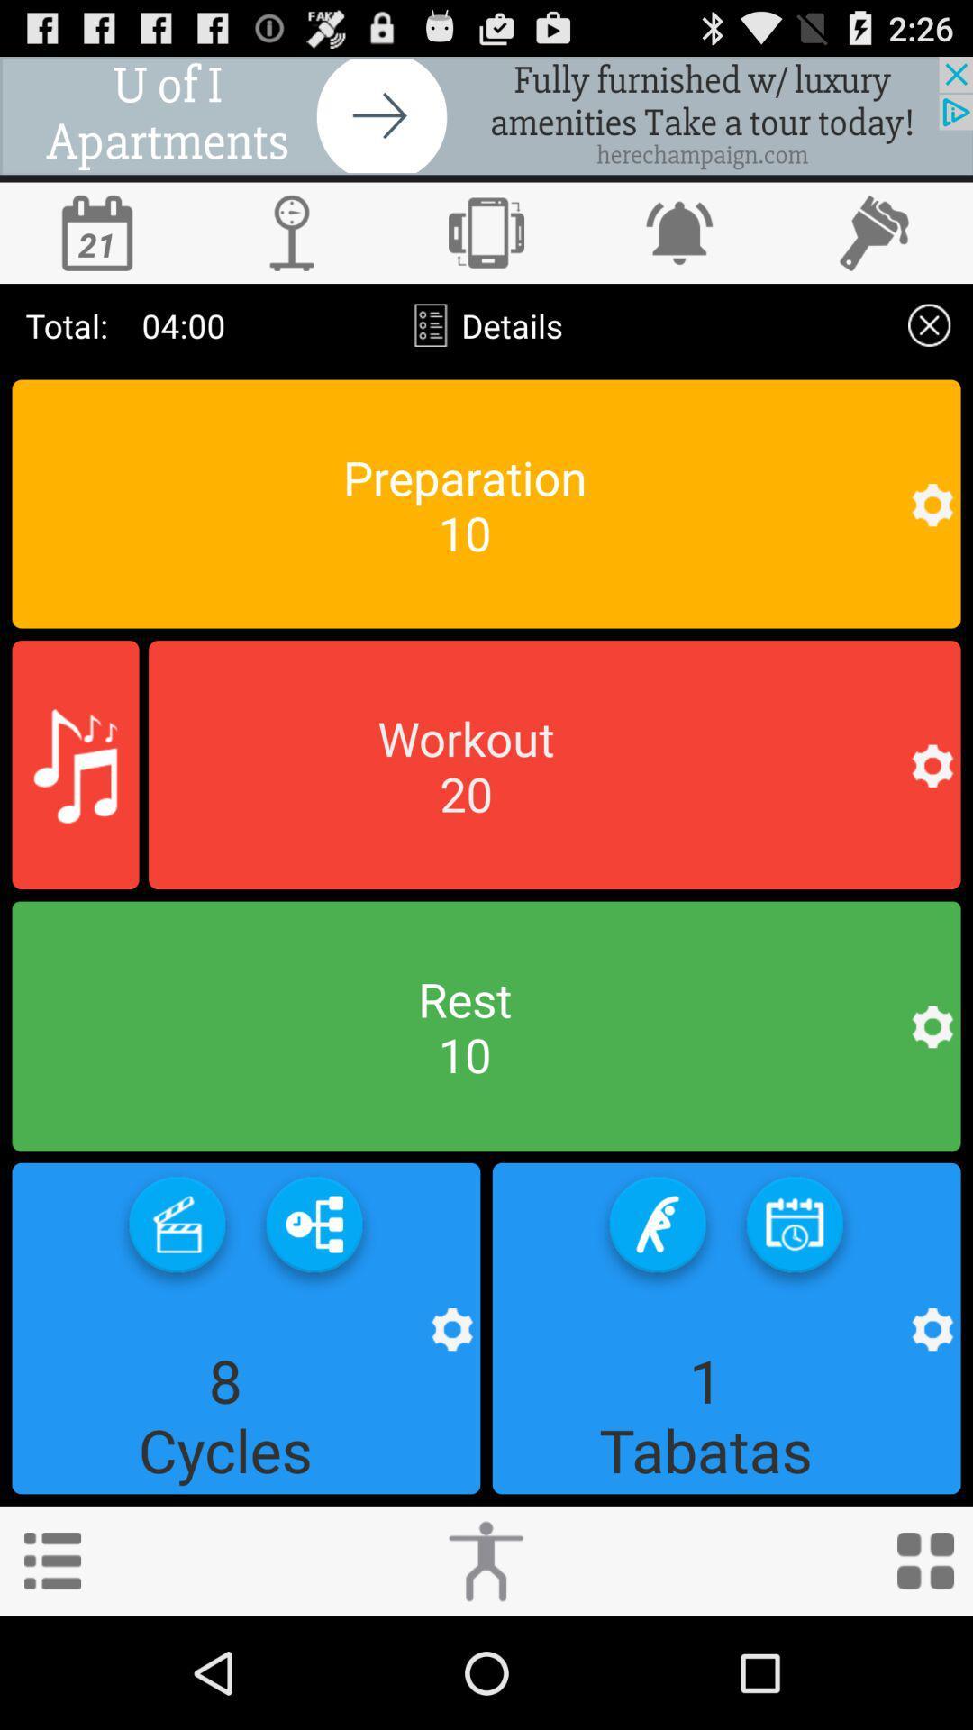 The height and width of the screenshot is (1730, 973). I want to click on the dashboard icon, so click(925, 1670).